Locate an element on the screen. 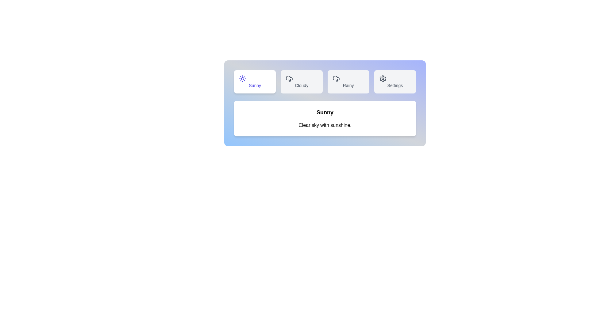 The height and width of the screenshot is (331, 589). the Settings tab is located at coordinates (395, 81).